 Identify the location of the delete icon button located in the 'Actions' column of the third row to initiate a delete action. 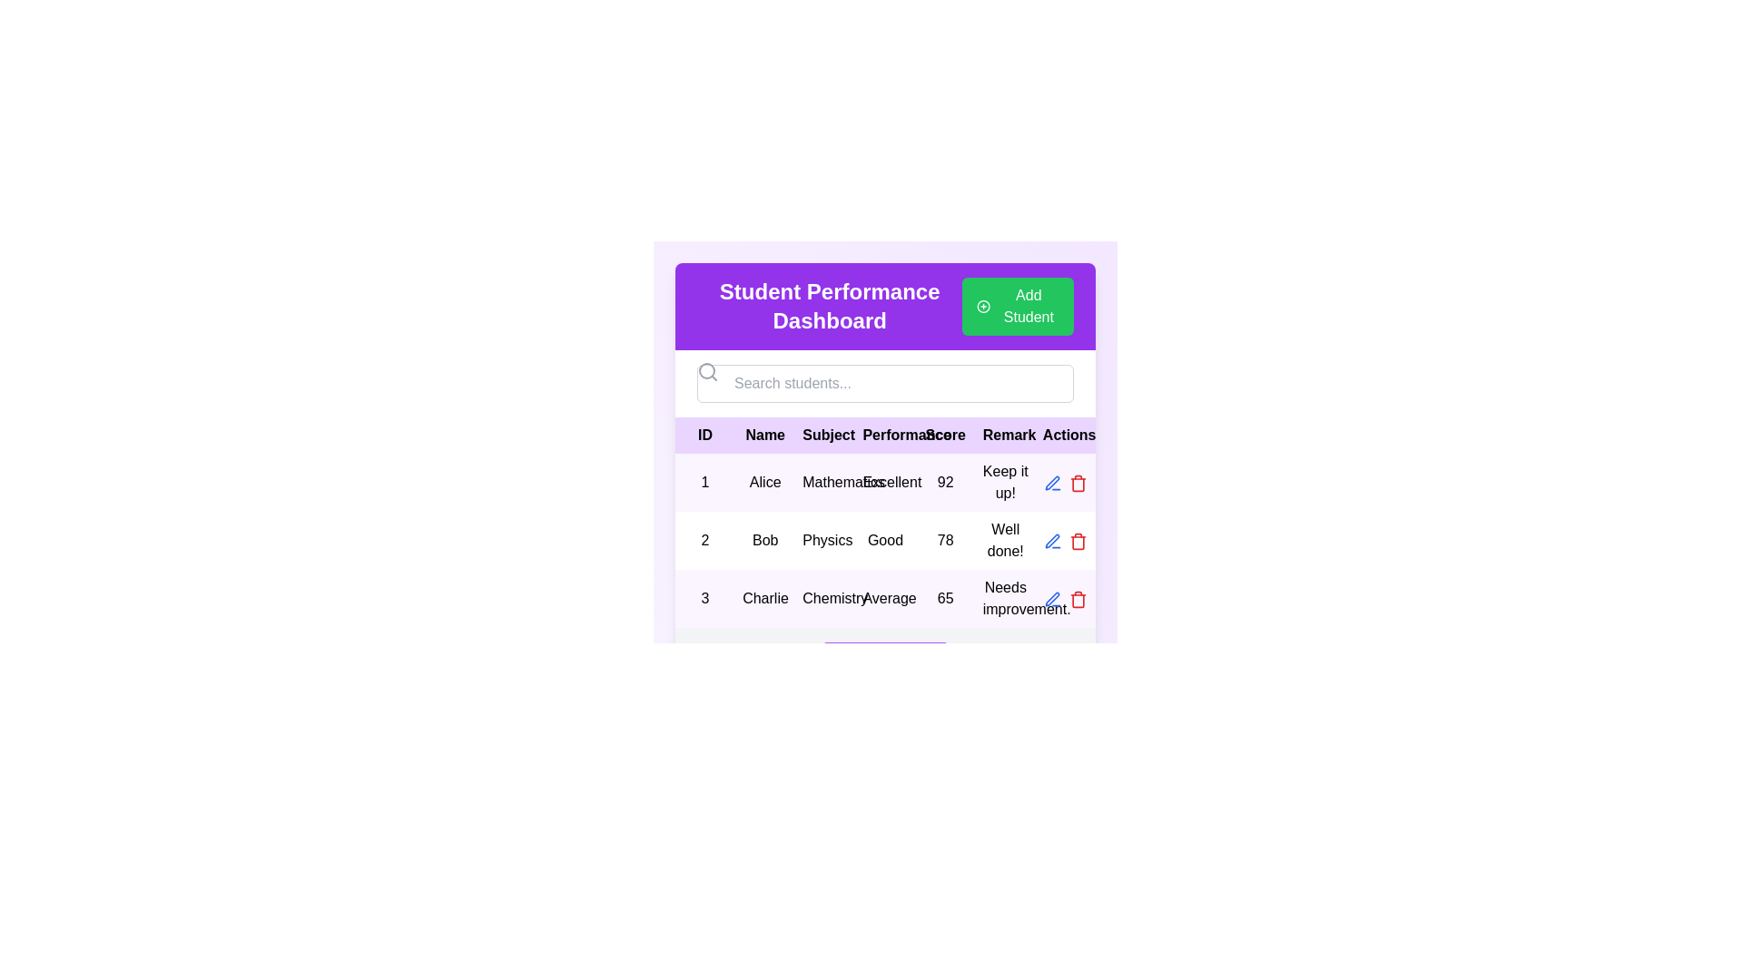
(1078, 598).